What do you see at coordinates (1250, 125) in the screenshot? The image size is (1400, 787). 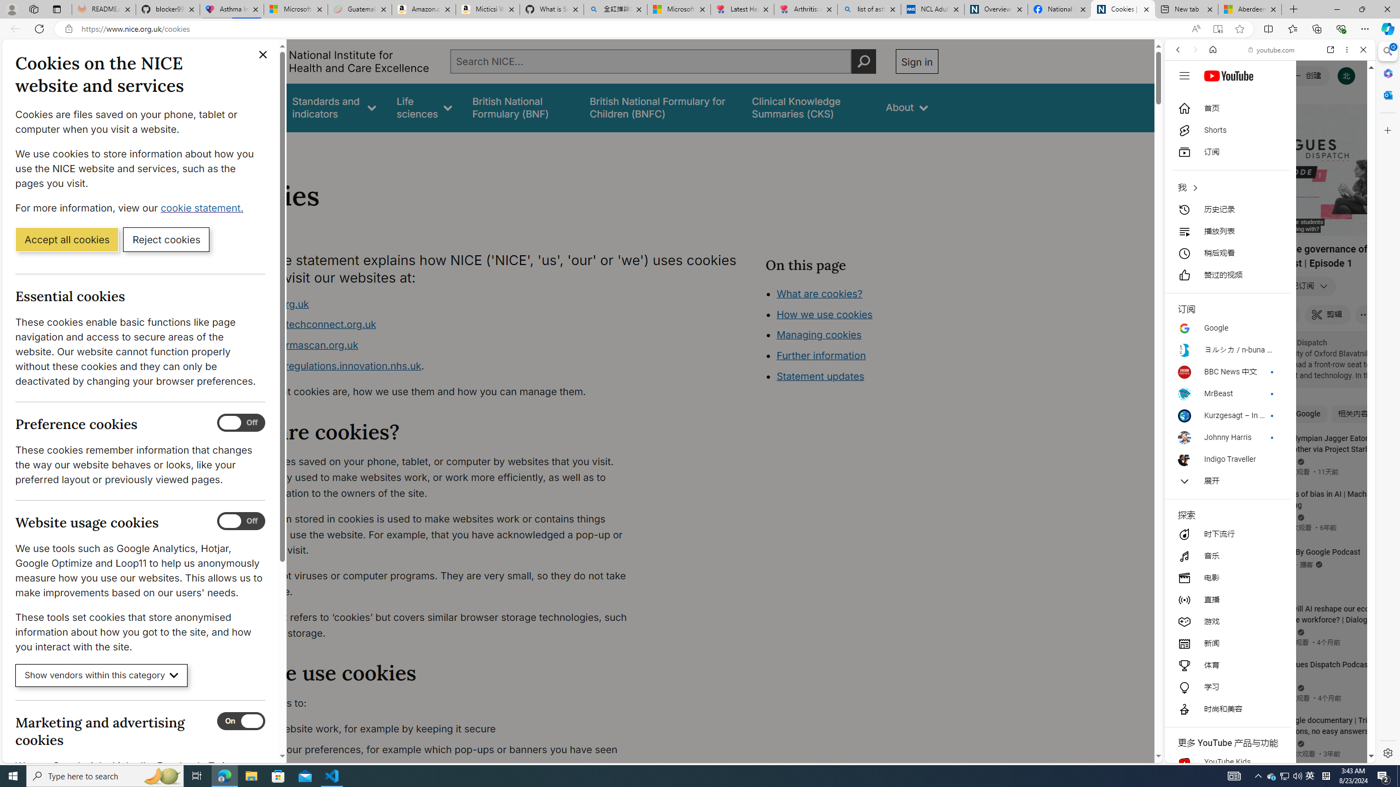 I see `'VIDEOS'` at bounding box center [1250, 125].